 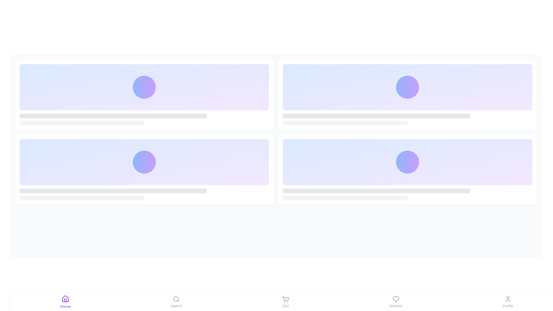 I want to click on the 'Wishlist' text label located beneath the heart-shaped icon in the bottom navigation bar, so click(x=395, y=306).